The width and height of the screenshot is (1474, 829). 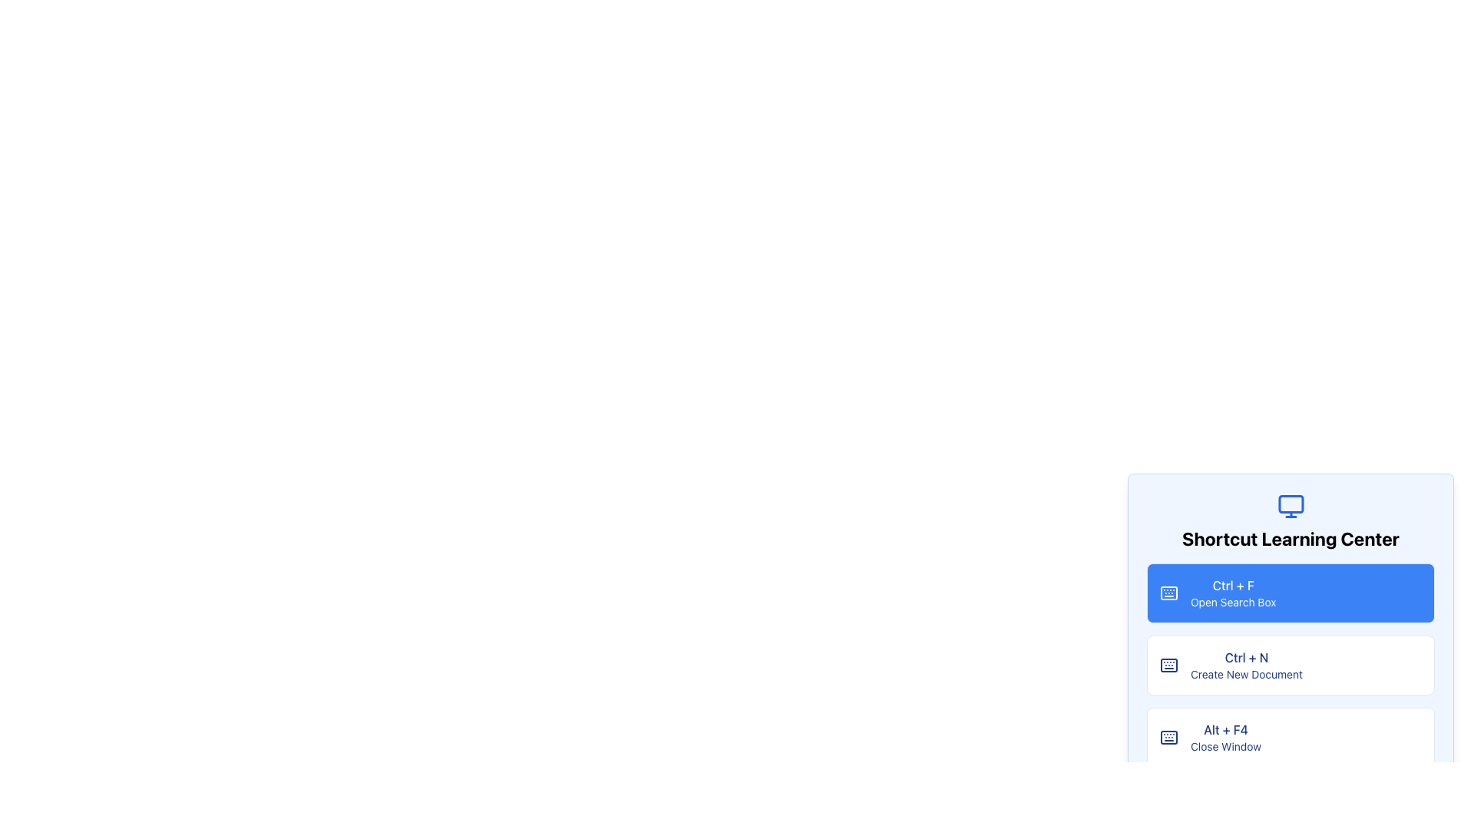 I want to click on the static text label 'Create New Document' located below the shortcut 'Ctrl + N' in the lower-right area of the interface, so click(x=1246, y=674).